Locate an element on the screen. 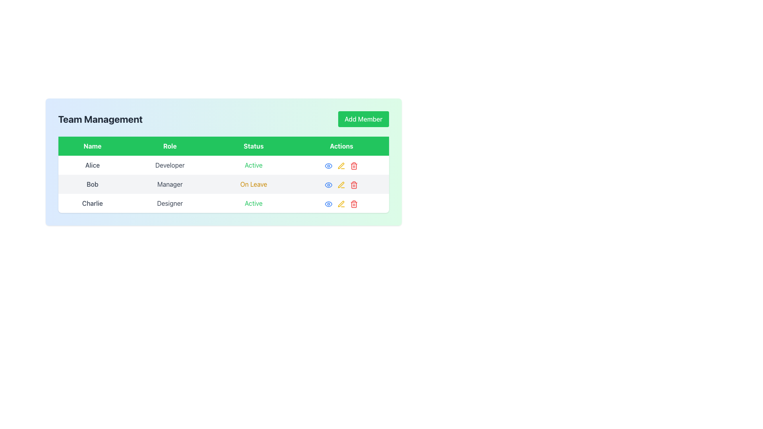 This screenshot has height=429, width=763. or tab through the interactive icons located in the 'Actions' column of the table corresponding to 'Alice' is located at coordinates (341, 165).